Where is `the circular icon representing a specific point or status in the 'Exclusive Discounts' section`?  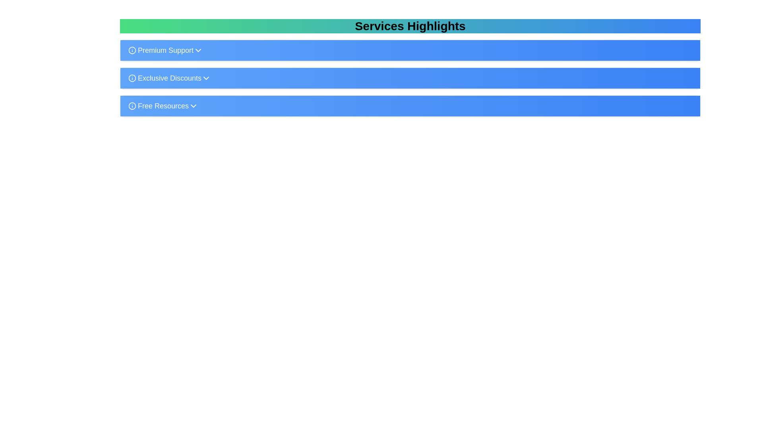
the circular icon representing a specific point or status in the 'Exclusive Discounts' section is located at coordinates (132, 78).